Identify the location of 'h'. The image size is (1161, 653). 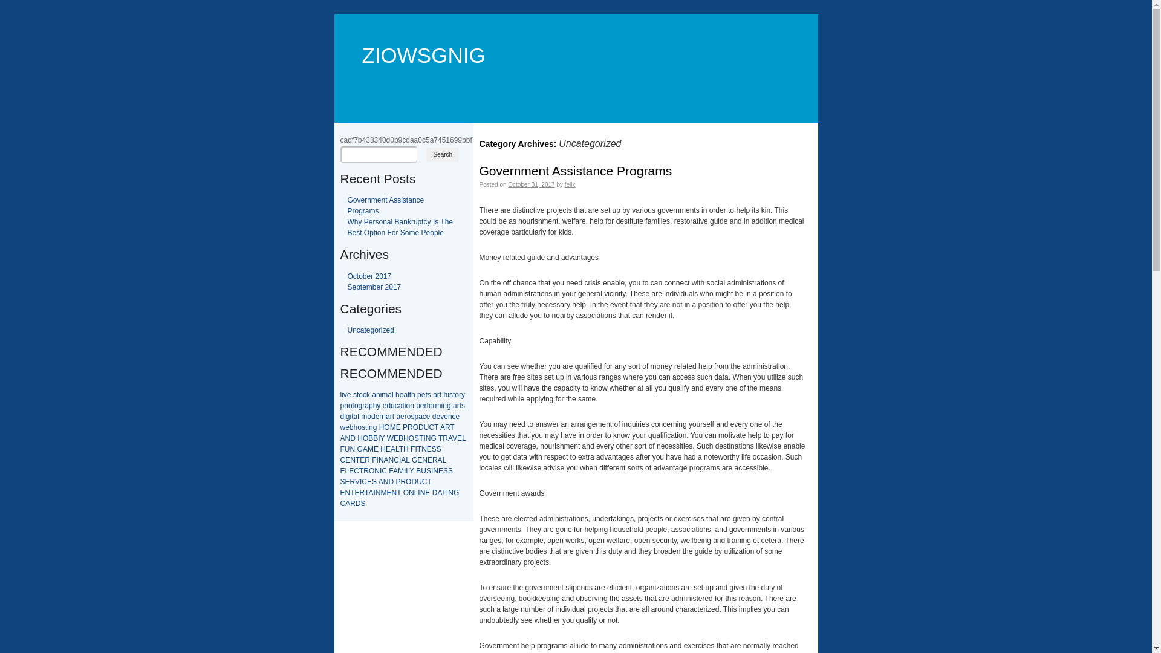
(413, 394).